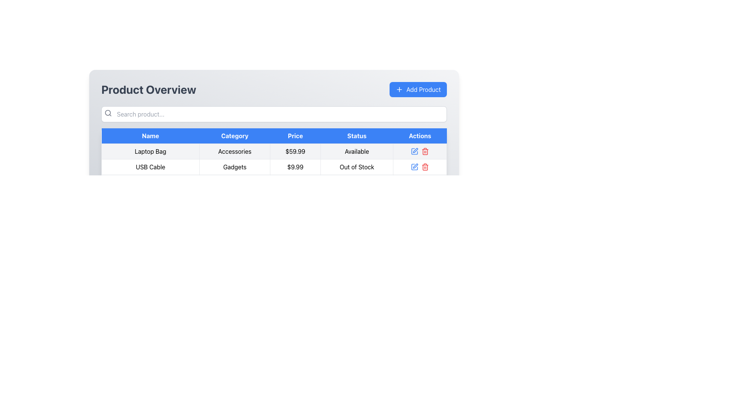 The image size is (729, 410). I want to click on the text label displaying the price '$9.99' in the Price column of the second row of the table, which is part of the information for 'USB Cable' under the Name column, so click(295, 166).